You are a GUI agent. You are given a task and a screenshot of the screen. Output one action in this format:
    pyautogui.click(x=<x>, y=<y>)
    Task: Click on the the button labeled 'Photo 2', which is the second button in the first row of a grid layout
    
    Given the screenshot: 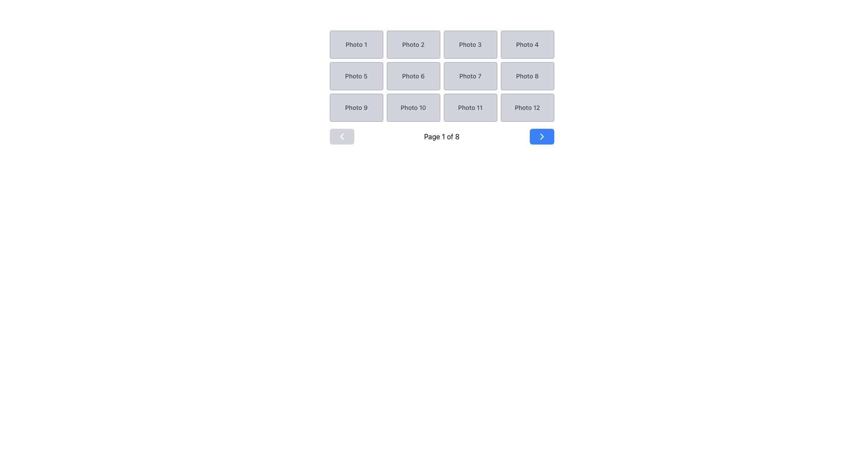 What is the action you would take?
    pyautogui.click(x=413, y=44)
    